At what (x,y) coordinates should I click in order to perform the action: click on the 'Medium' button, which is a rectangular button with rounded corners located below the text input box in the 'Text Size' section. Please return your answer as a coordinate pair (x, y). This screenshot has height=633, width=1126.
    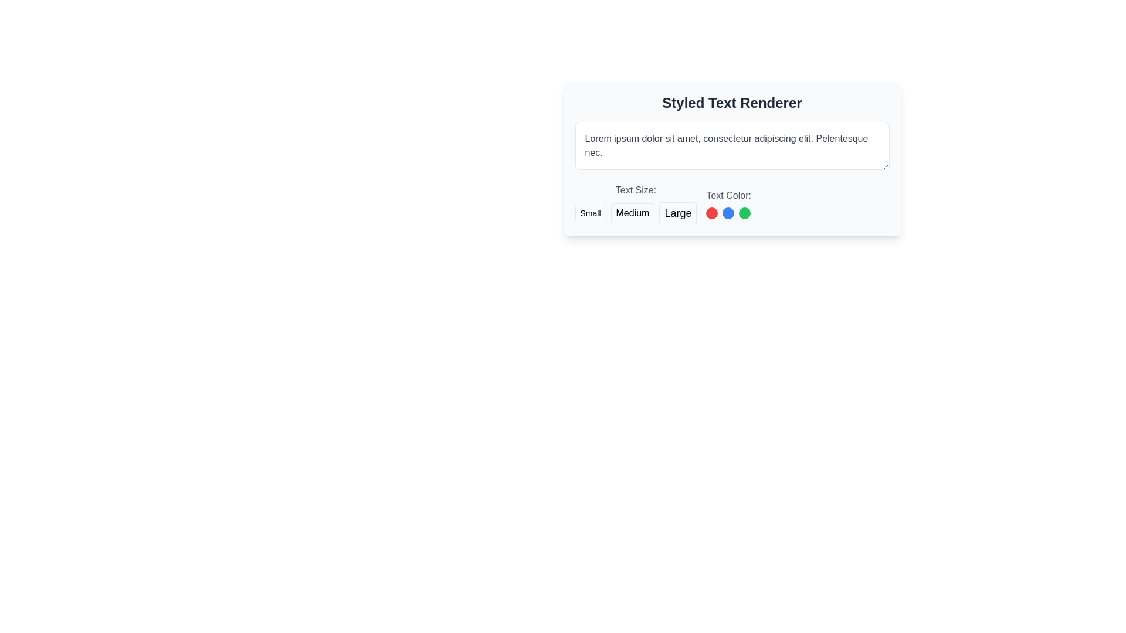
    Looking at the image, I should click on (632, 213).